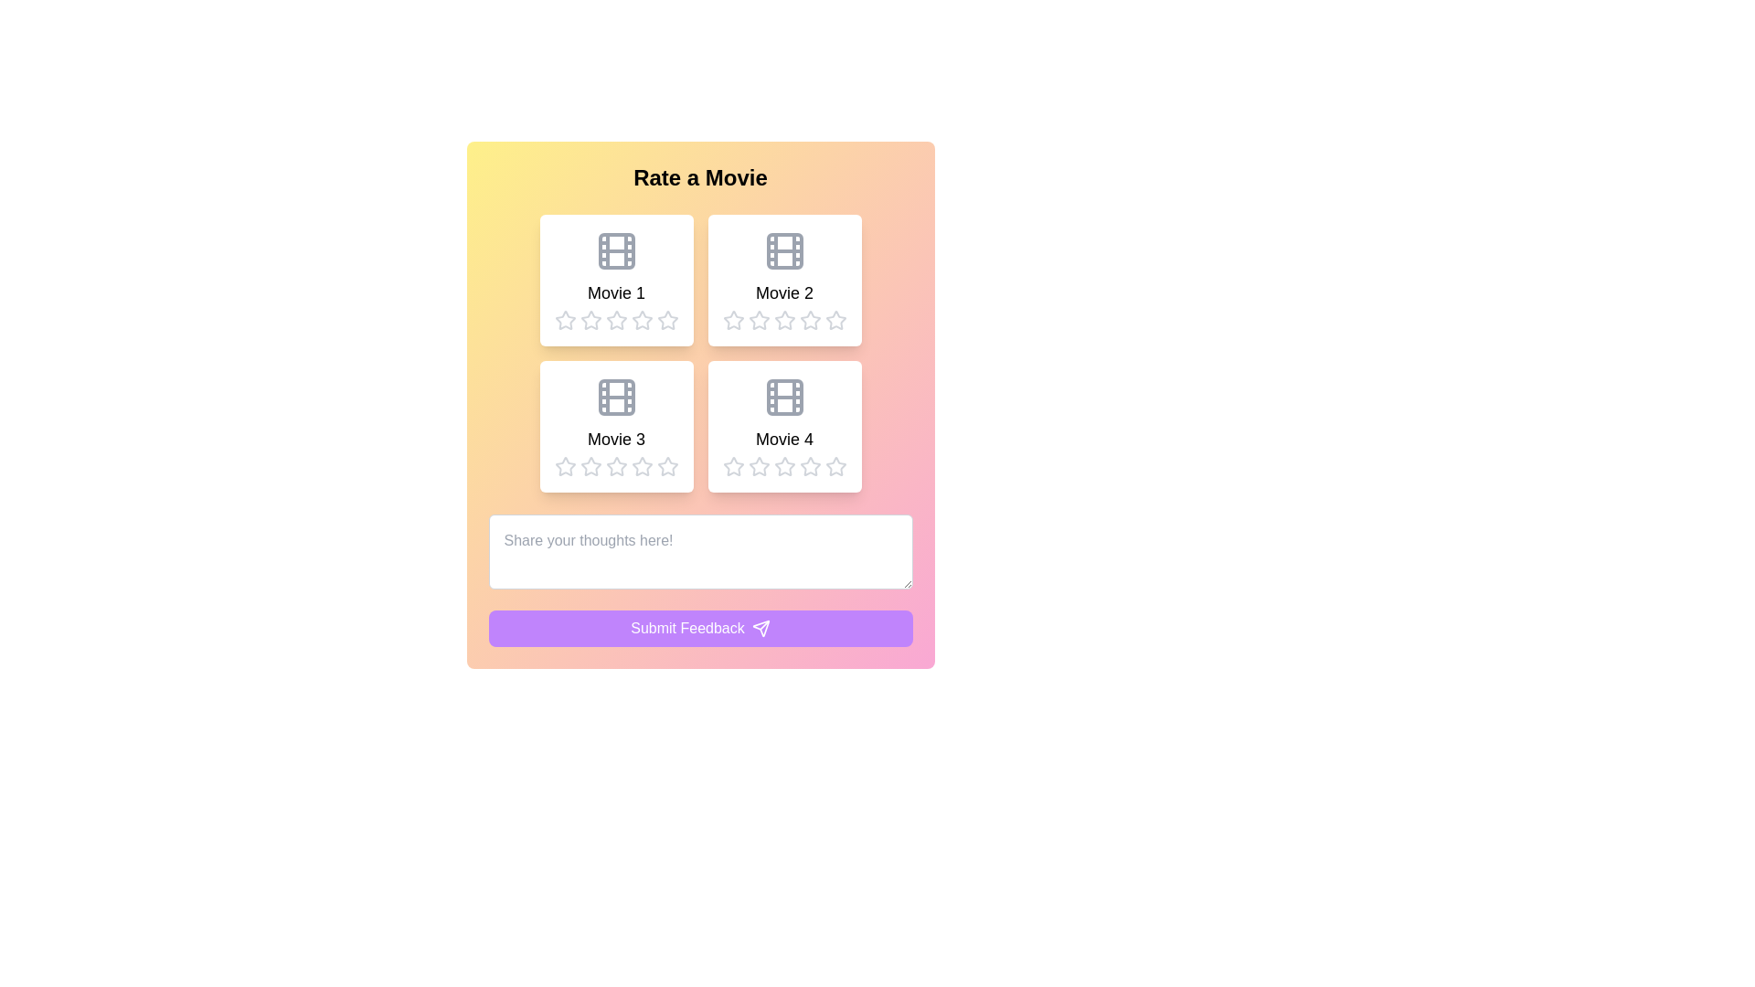 The height and width of the screenshot is (987, 1755). I want to click on the fourth rating star icon for 'Movie 1', so click(616, 320).